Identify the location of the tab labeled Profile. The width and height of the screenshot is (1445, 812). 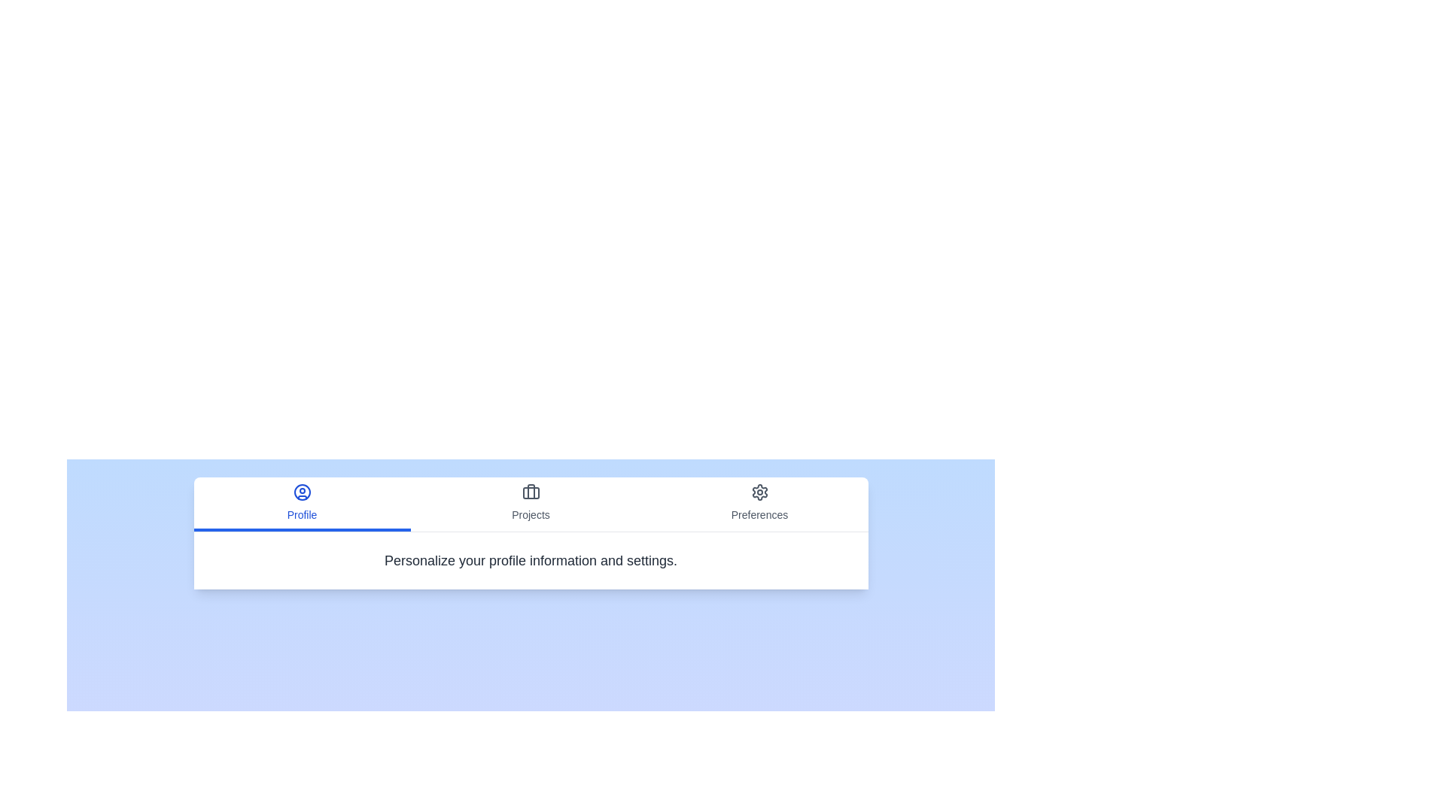
(301, 504).